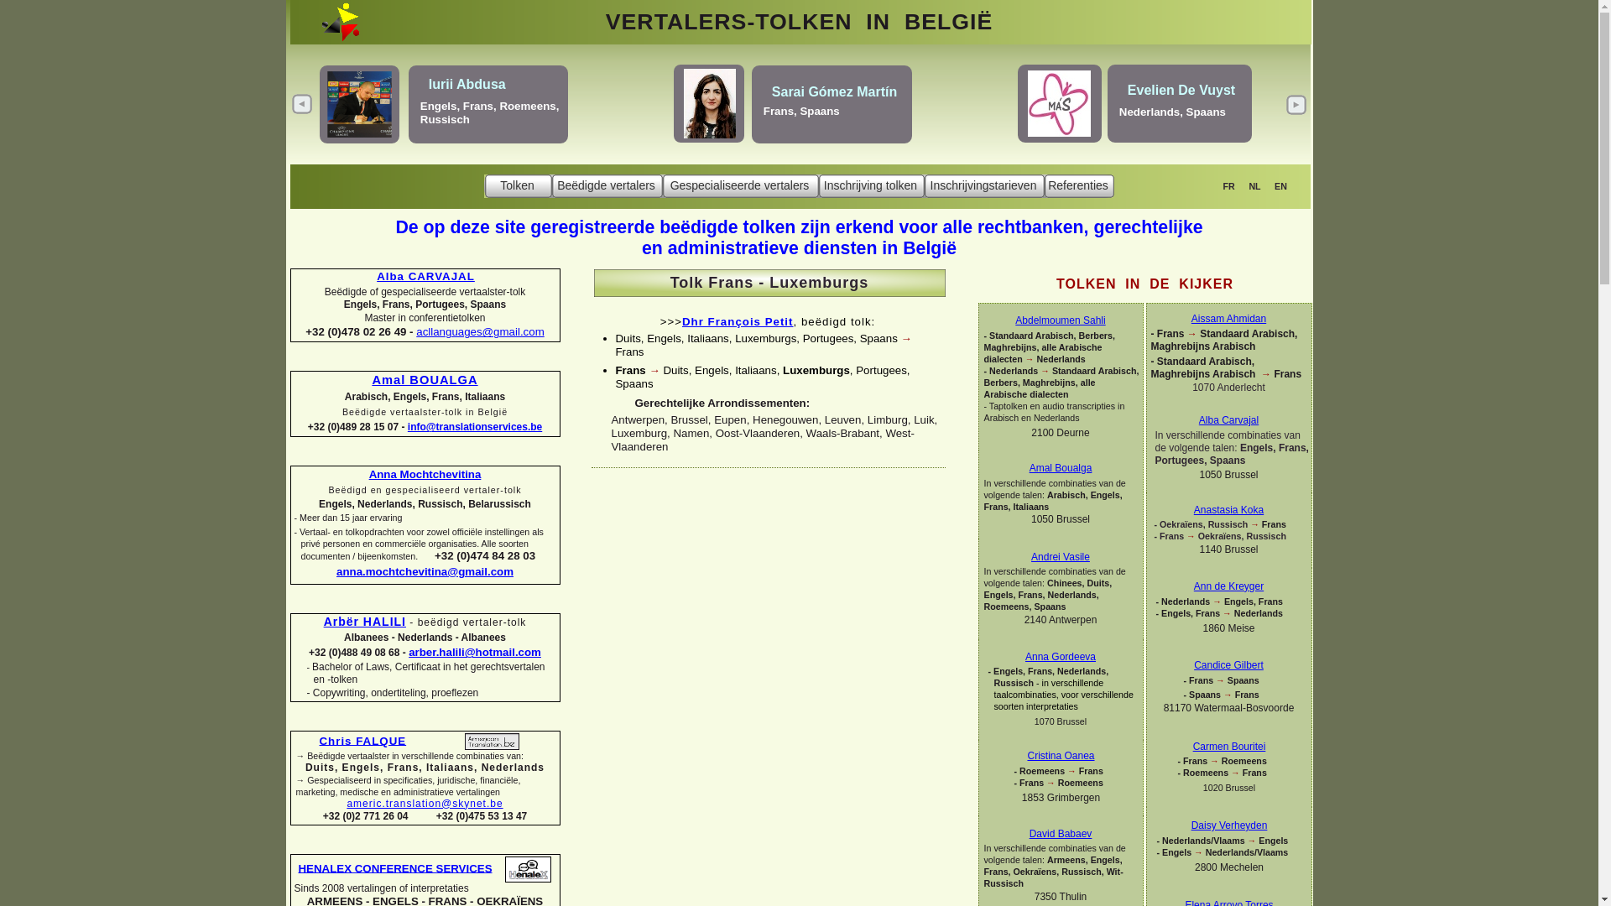 This screenshot has width=1611, height=906. Describe the element at coordinates (1229, 824) in the screenshot. I see `'Daisy Verheyden'` at that location.